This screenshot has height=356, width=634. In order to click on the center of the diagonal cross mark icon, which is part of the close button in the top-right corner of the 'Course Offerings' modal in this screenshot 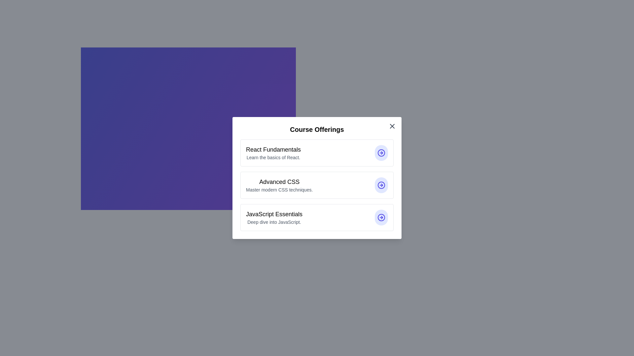, I will do `click(392, 126)`.